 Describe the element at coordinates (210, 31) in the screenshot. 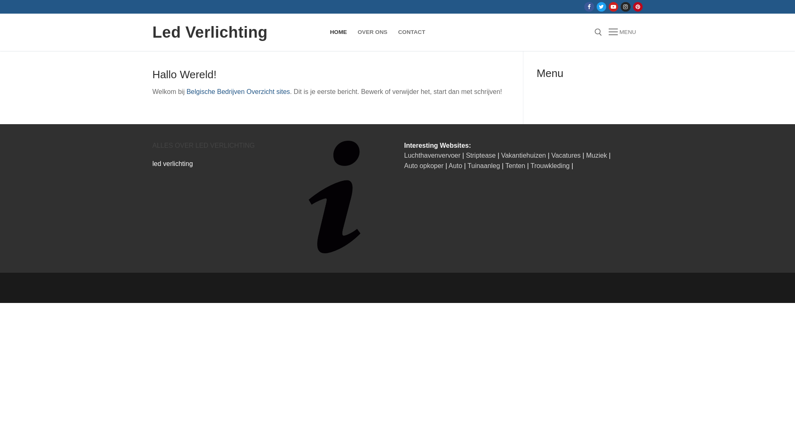

I see `'Led Verlichting'` at that location.